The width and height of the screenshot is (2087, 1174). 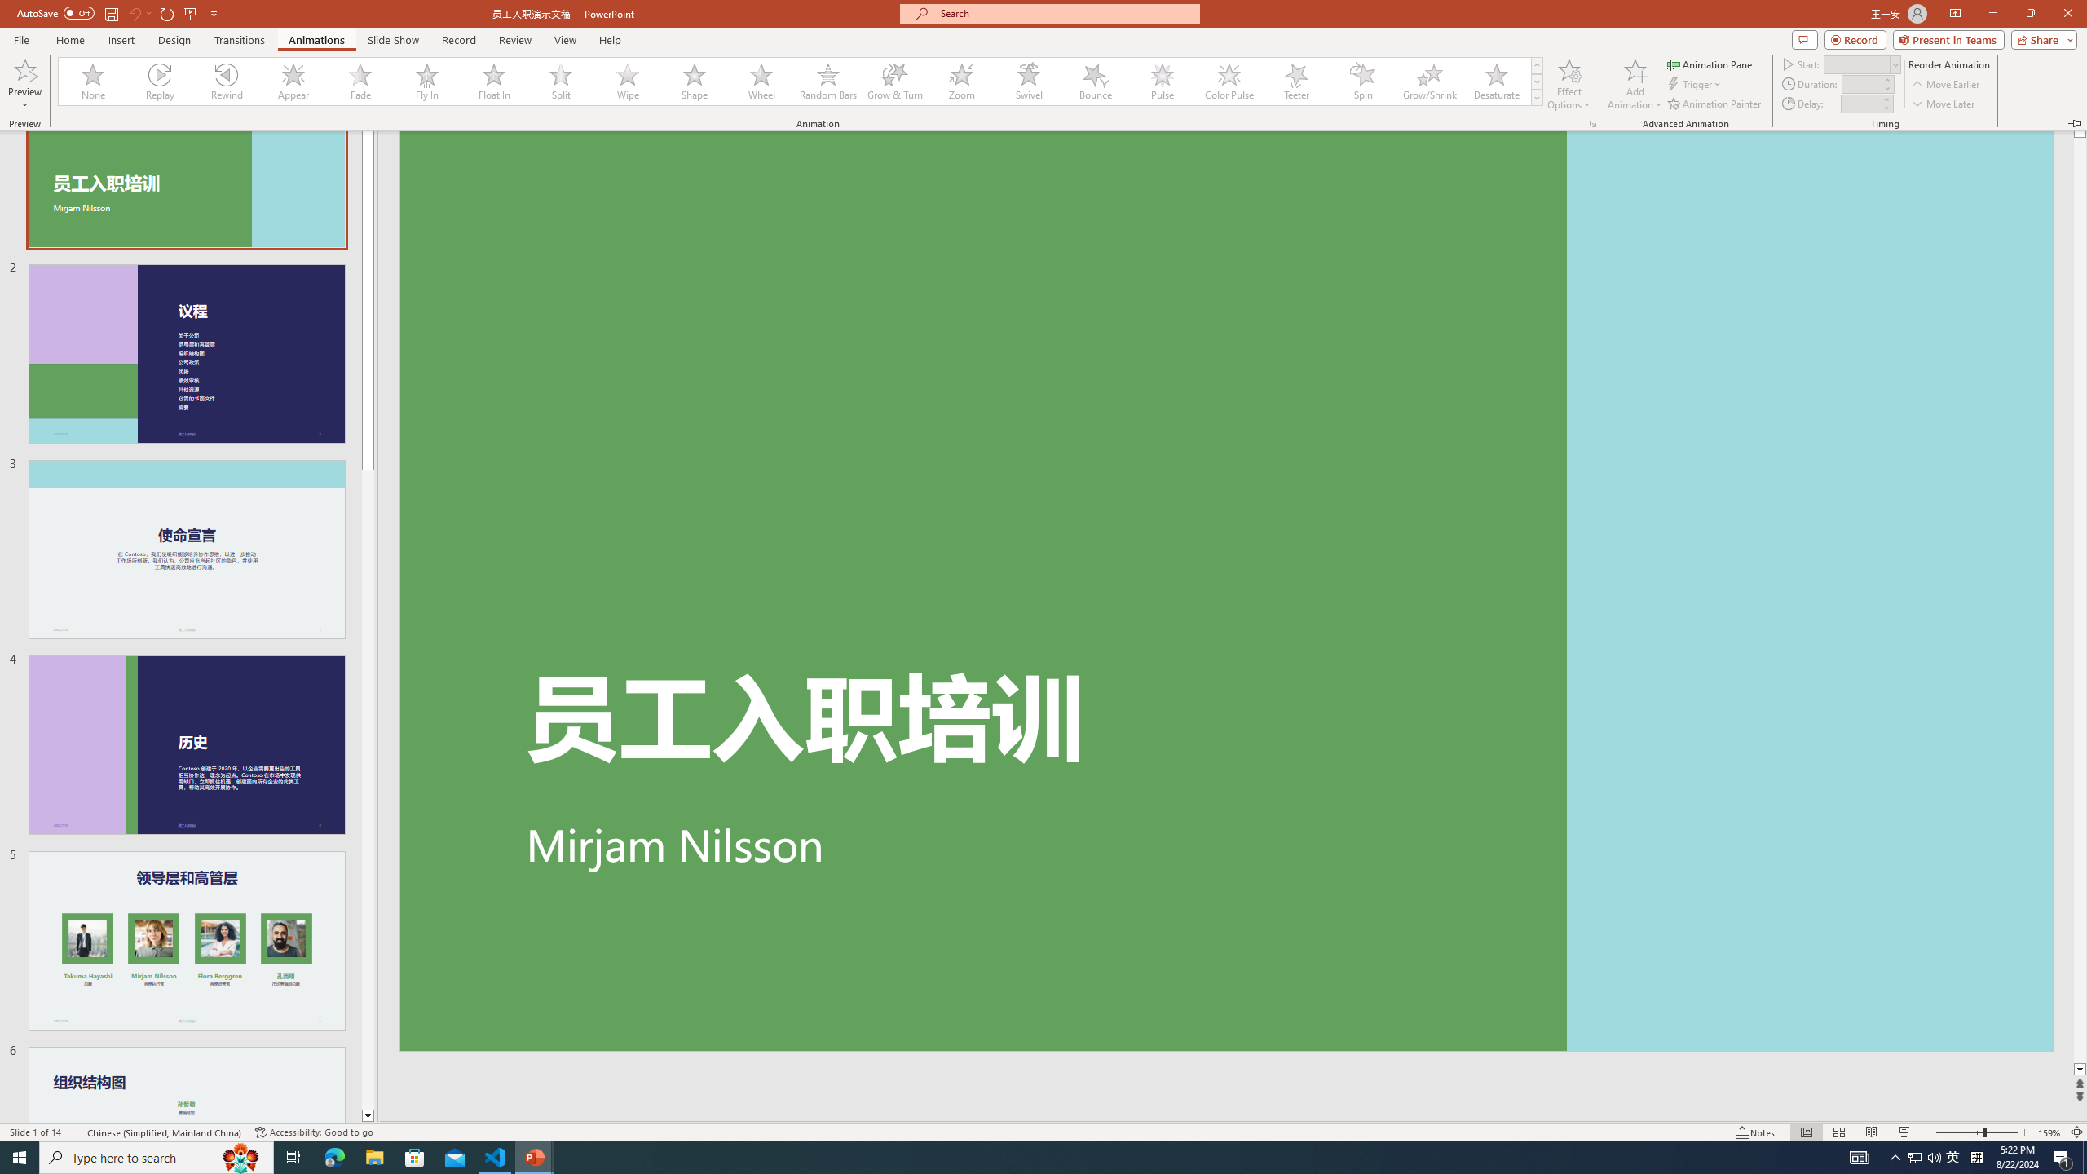 What do you see at coordinates (76, 1132) in the screenshot?
I see `'Spell Check '` at bounding box center [76, 1132].